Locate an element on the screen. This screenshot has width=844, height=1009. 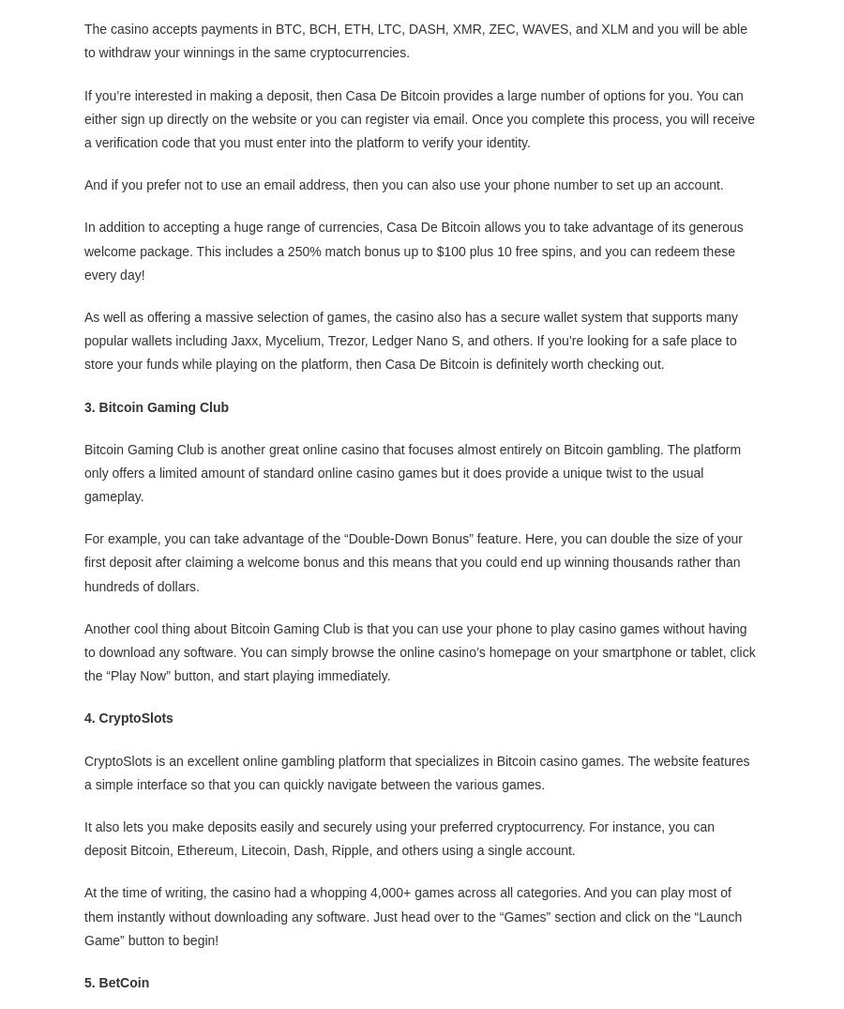
'At the time of writing, the casino had a whopping 4,000+ games across all categories. And you can play most of them instantly without downloading any software. Just head over to the “Games” section and click on the “Launch Game” button to begin!' is located at coordinates (413, 915).